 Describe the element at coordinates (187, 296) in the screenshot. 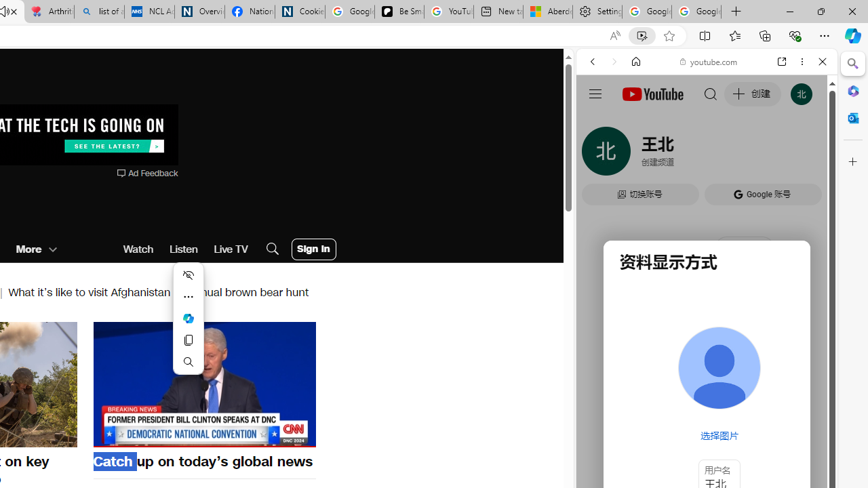

I see `'More actions'` at that location.